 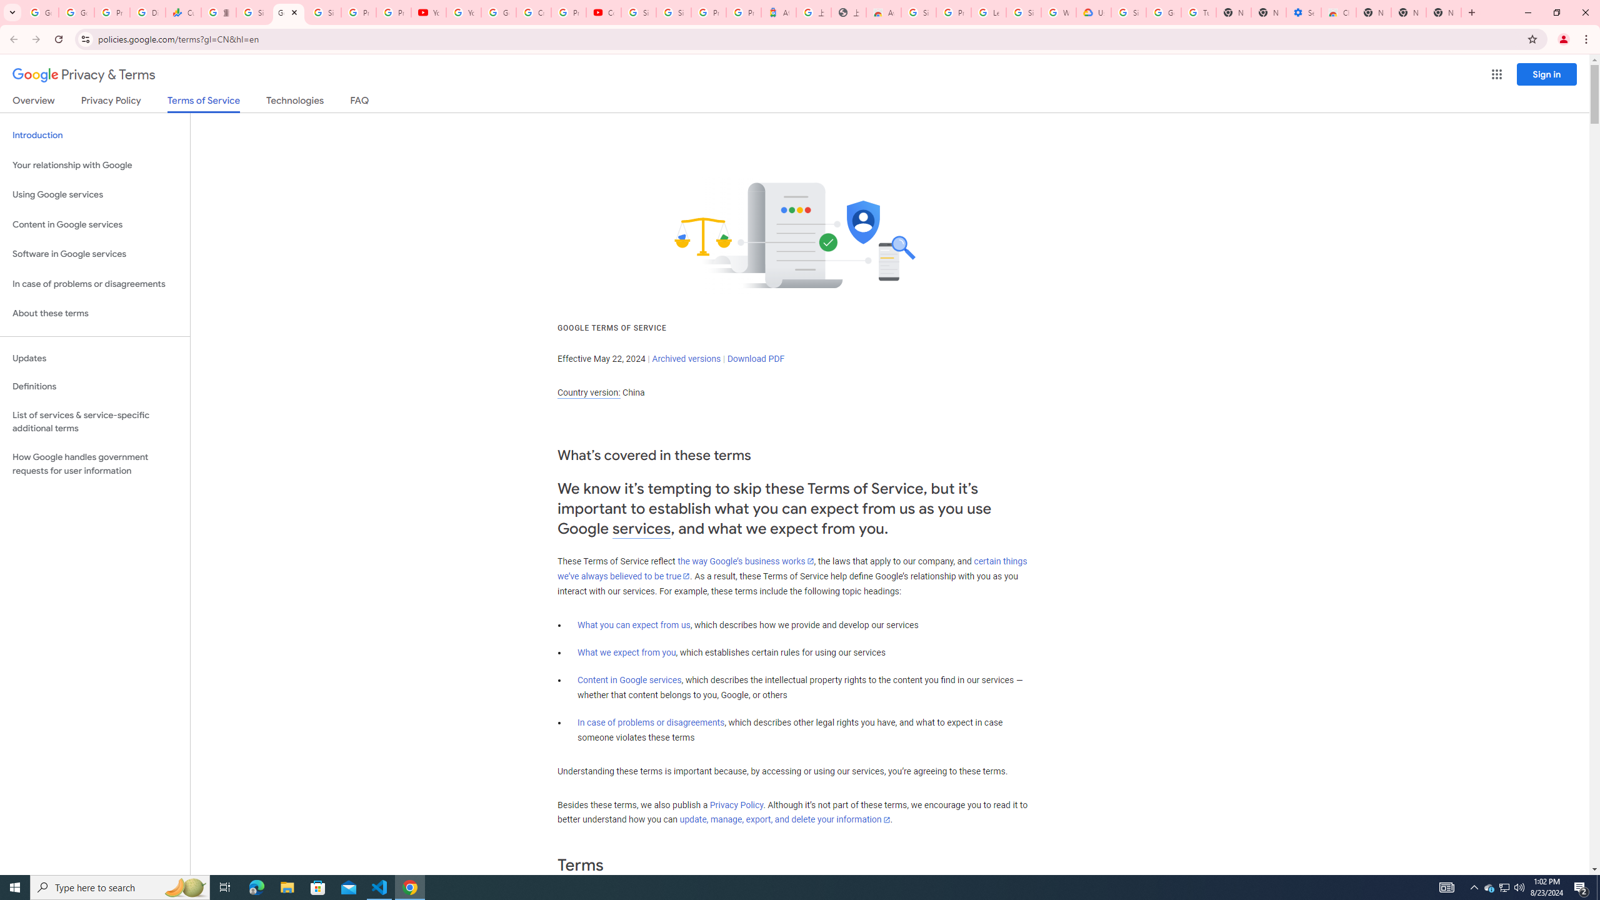 What do you see at coordinates (252, 12) in the screenshot?
I see `'Sign in - Google Accounts'` at bounding box center [252, 12].